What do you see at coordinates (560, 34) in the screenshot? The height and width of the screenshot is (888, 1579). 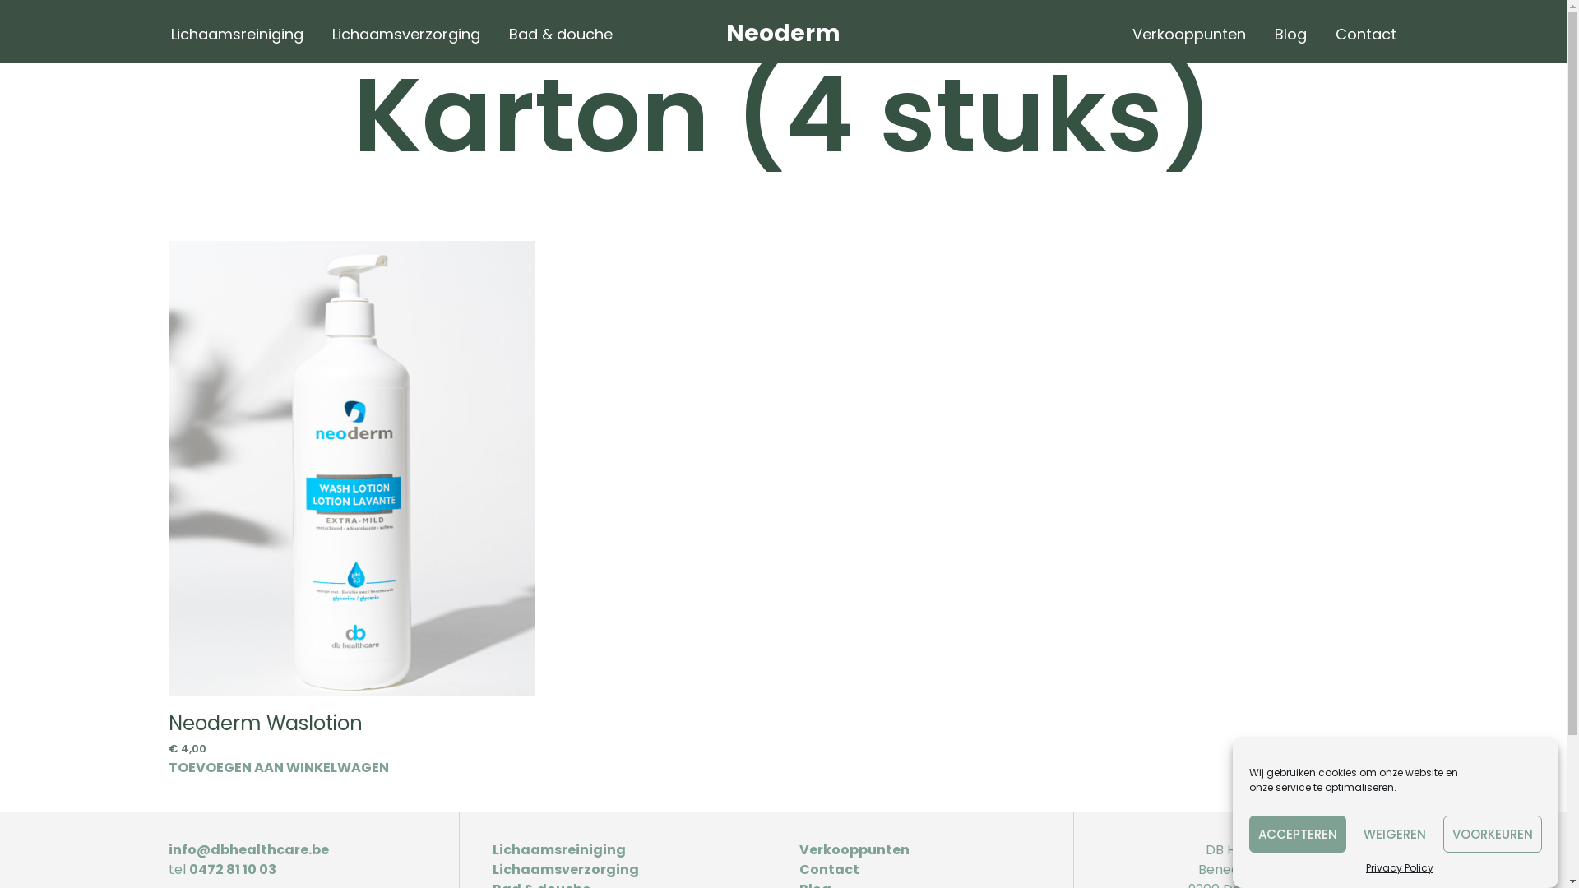 I see `'Bad & douche'` at bounding box center [560, 34].